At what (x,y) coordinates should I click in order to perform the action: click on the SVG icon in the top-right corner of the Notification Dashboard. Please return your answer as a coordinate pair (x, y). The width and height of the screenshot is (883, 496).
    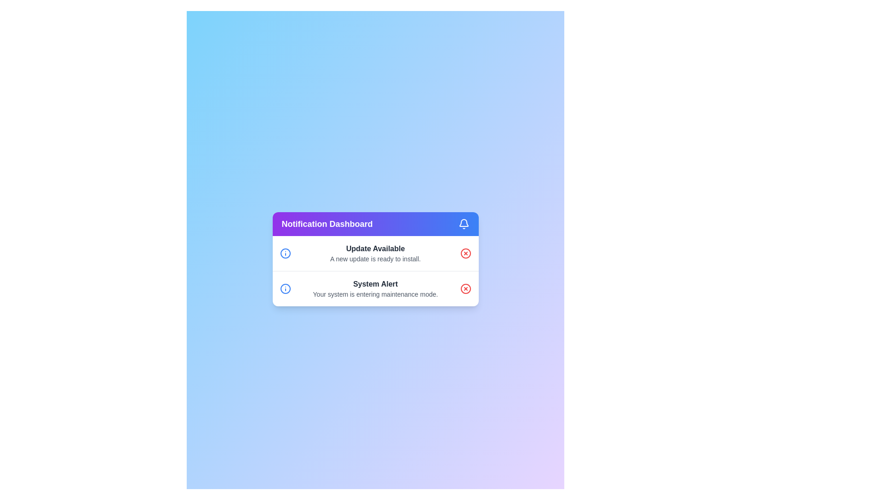
    Looking at the image, I should click on (464, 224).